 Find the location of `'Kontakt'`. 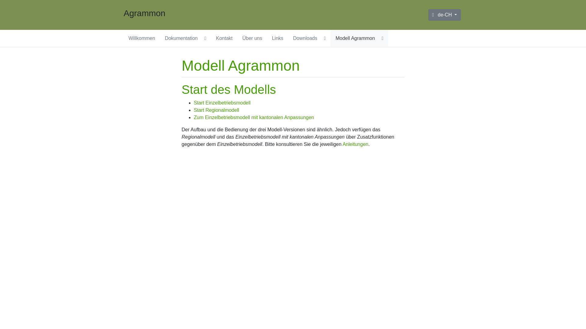

'Kontakt' is located at coordinates (224, 38).